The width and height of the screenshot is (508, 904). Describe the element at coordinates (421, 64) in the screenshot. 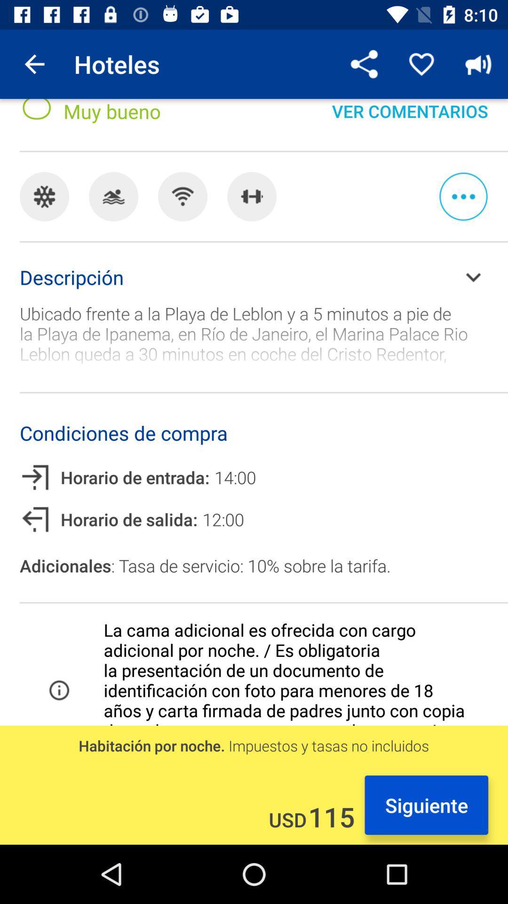

I see `icon above ver comentarios` at that location.